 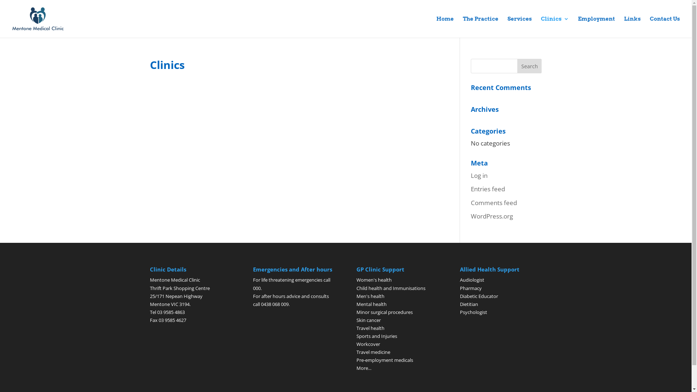 What do you see at coordinates (479, 175) in the screenshot?
I see `'Log in'` at bounding box center [479, 175].